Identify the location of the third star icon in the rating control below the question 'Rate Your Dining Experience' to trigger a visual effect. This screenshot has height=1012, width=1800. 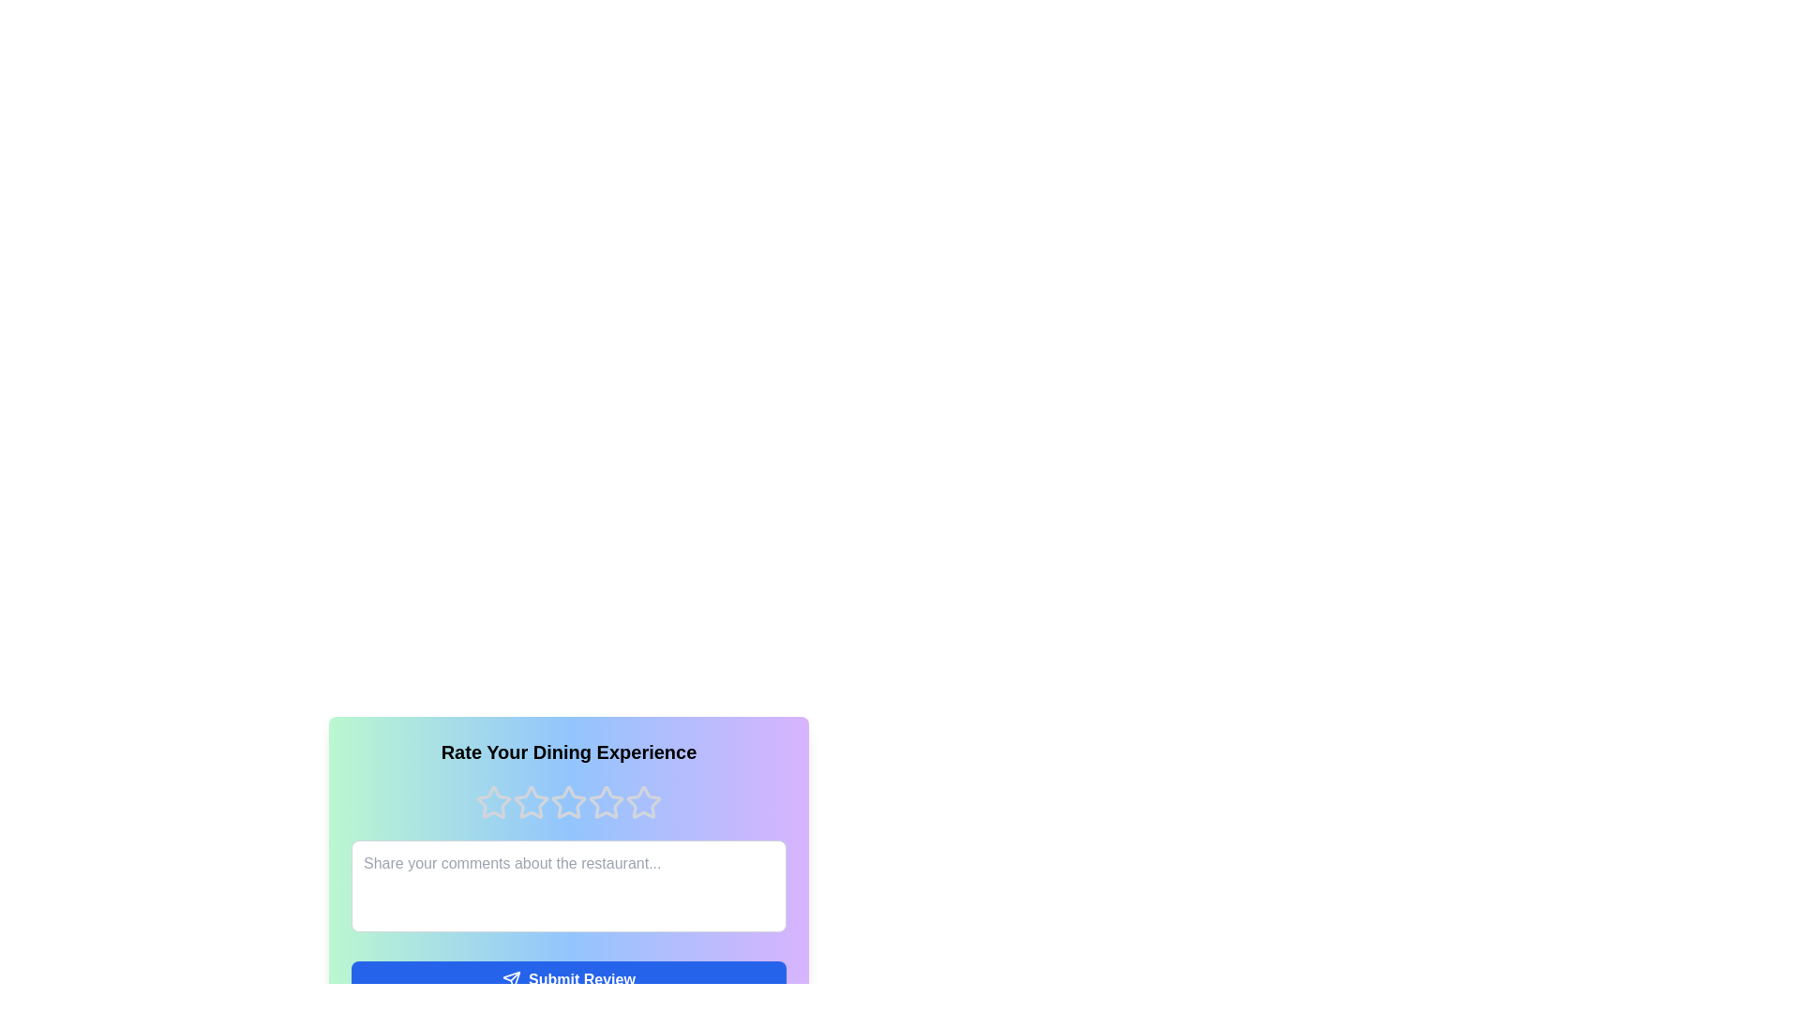
(607, 801).